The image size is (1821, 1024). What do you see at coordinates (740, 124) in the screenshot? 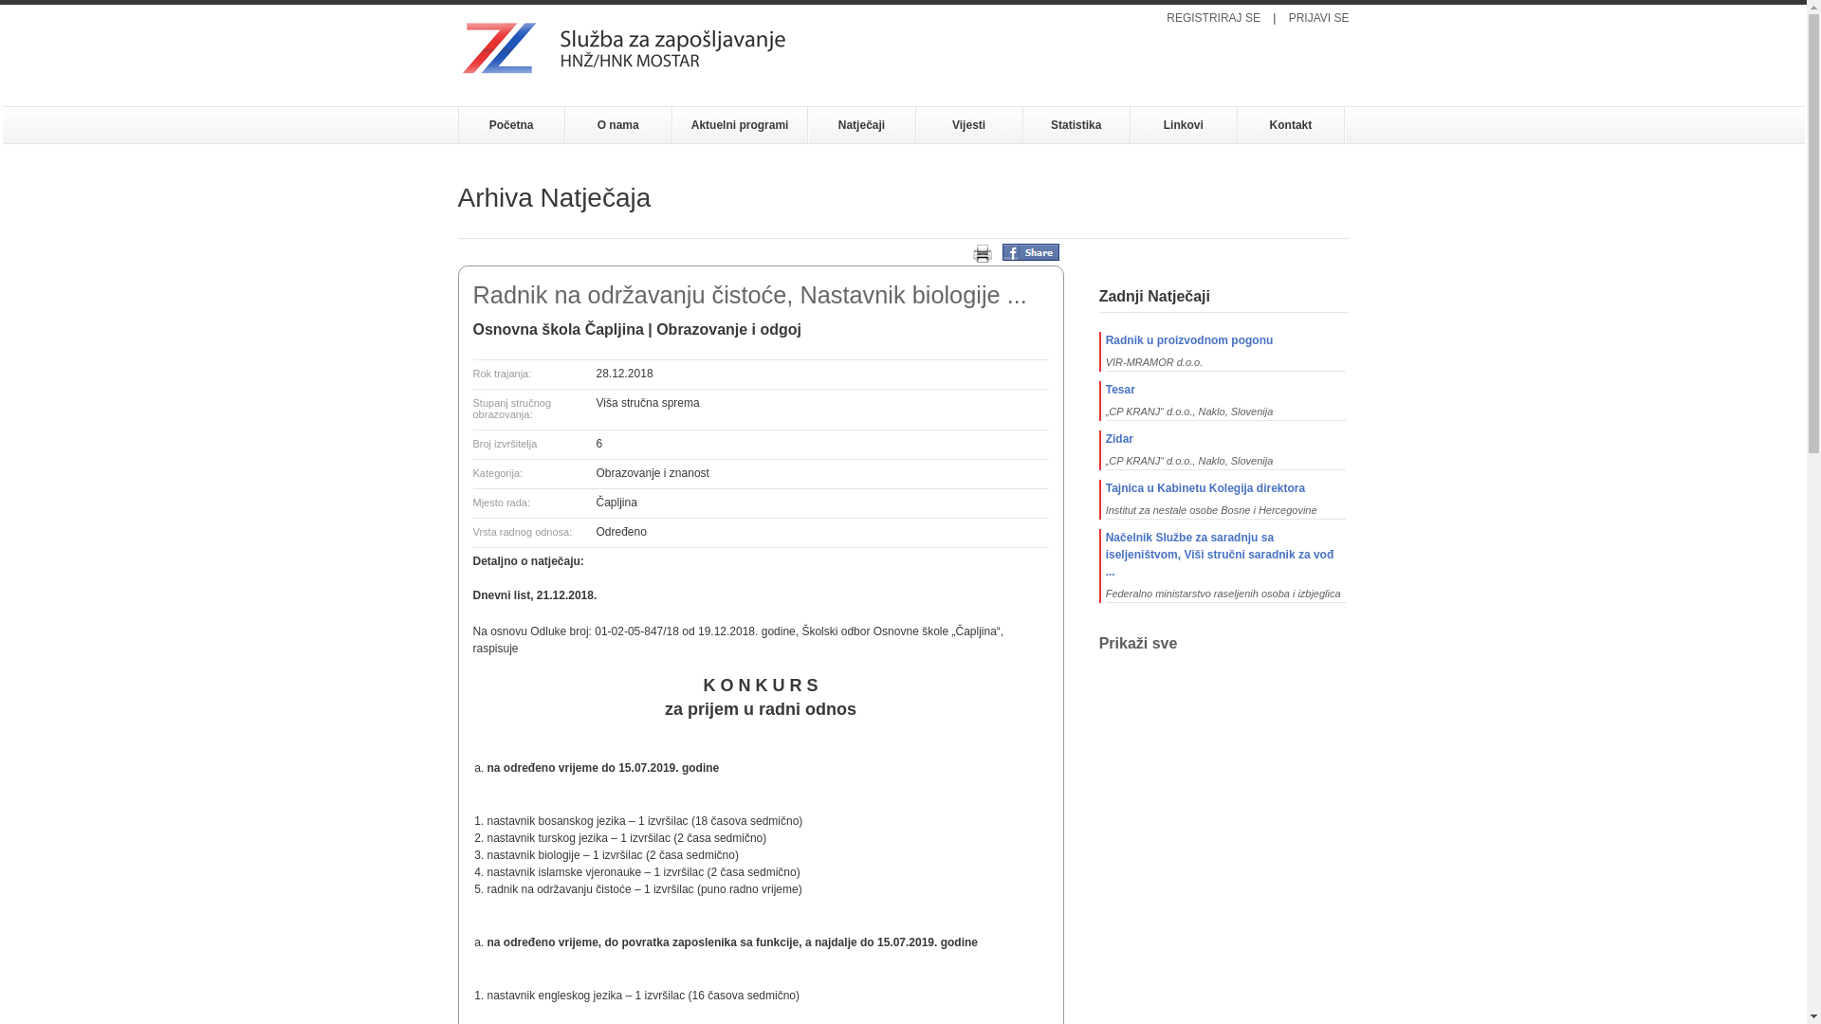
I see `'Aktuelni programi'` at bounding box center [740, 124].